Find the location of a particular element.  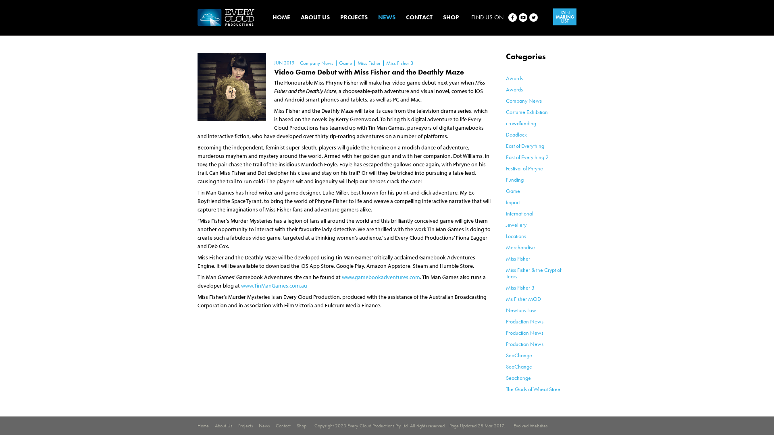

'Production News' is located at coordinates (524, 344).